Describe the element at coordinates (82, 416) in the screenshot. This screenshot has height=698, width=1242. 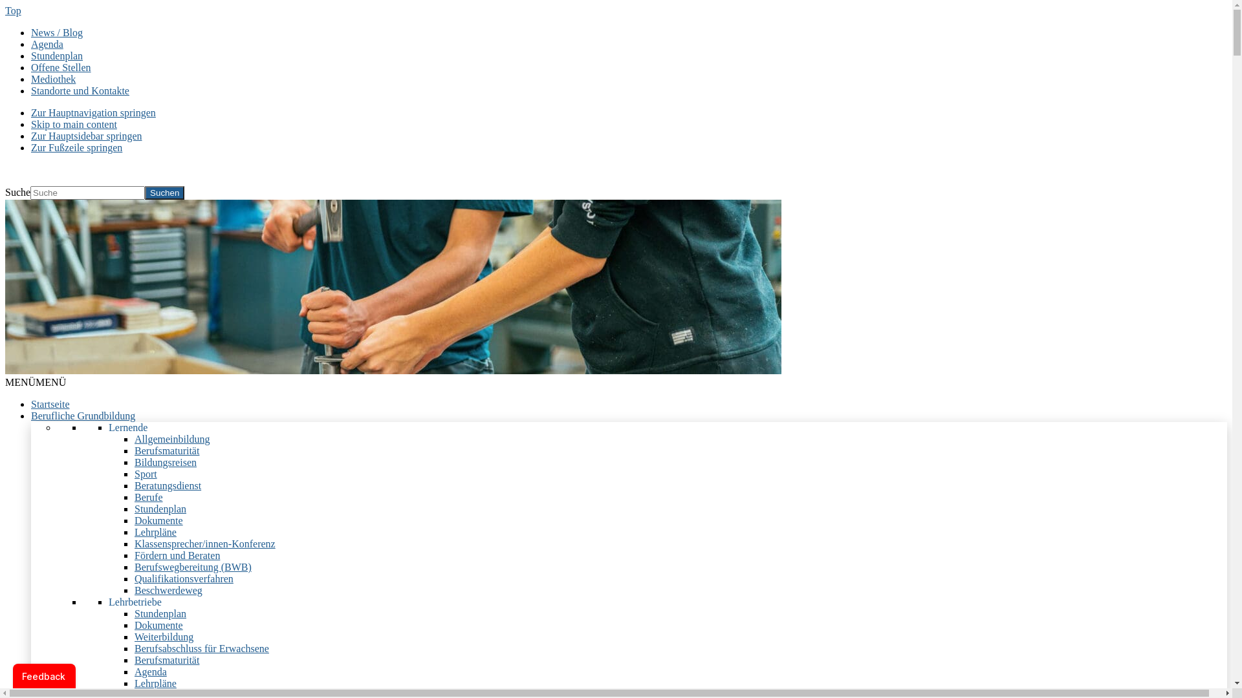
I see `'Berufliche Grundbildung'` at that location.